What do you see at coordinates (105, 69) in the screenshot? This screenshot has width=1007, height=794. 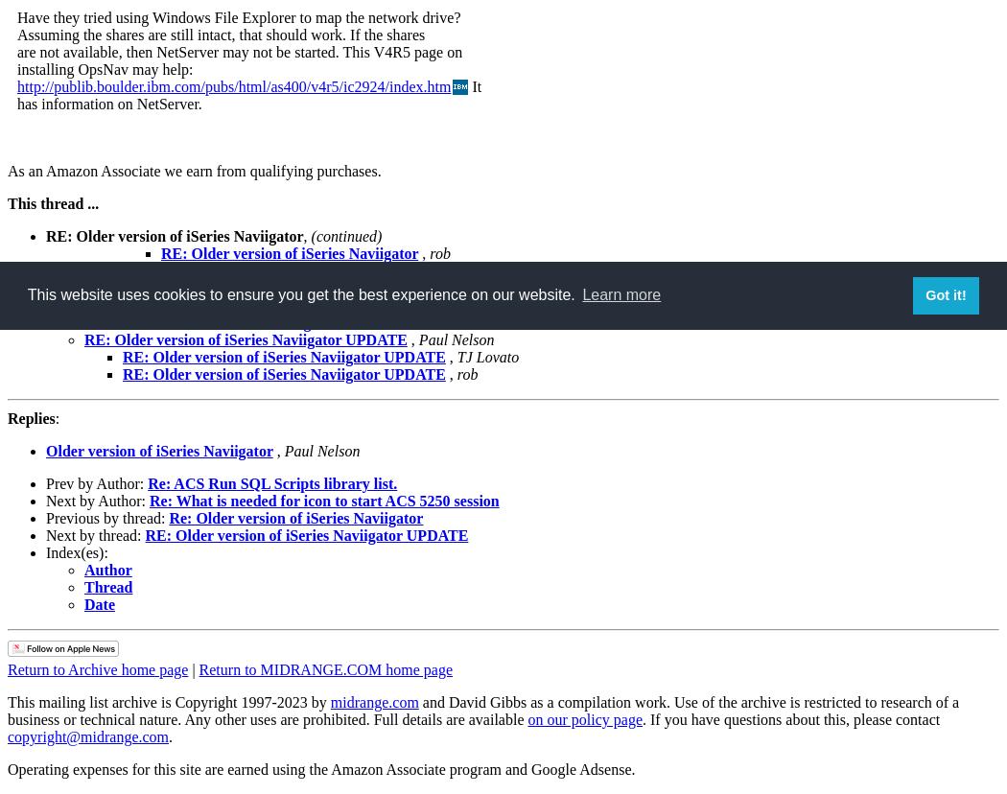 I see `'installing OpsNav may help:'` at bounding box center [105, 69].